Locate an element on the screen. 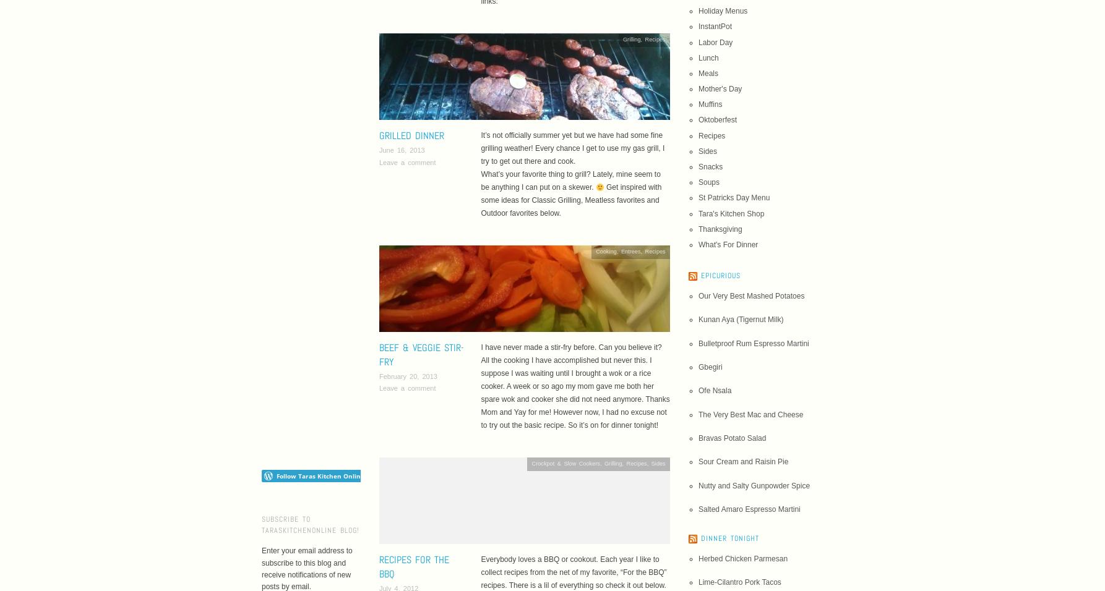 This screenshot has width=1105, height=591. 'Bulletproof Rum Espresso Martini' is located at coordinates (697, 342).